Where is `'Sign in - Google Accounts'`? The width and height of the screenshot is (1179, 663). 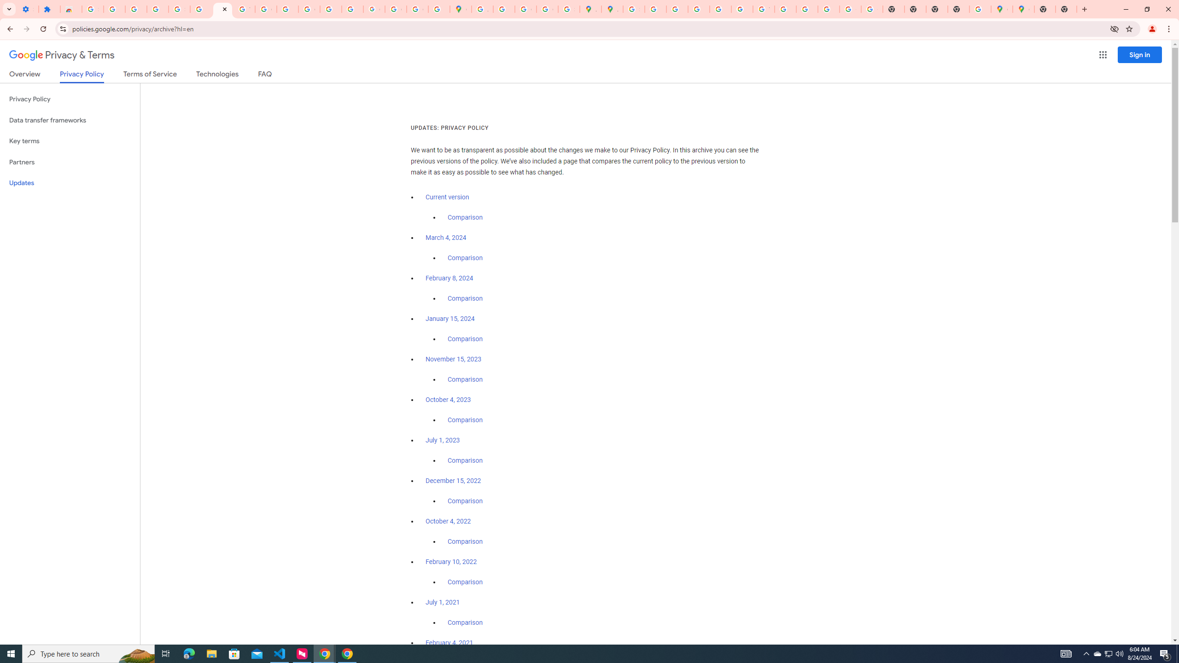 'Sign in - Google Accounts' is located at coordinates (92, 9).